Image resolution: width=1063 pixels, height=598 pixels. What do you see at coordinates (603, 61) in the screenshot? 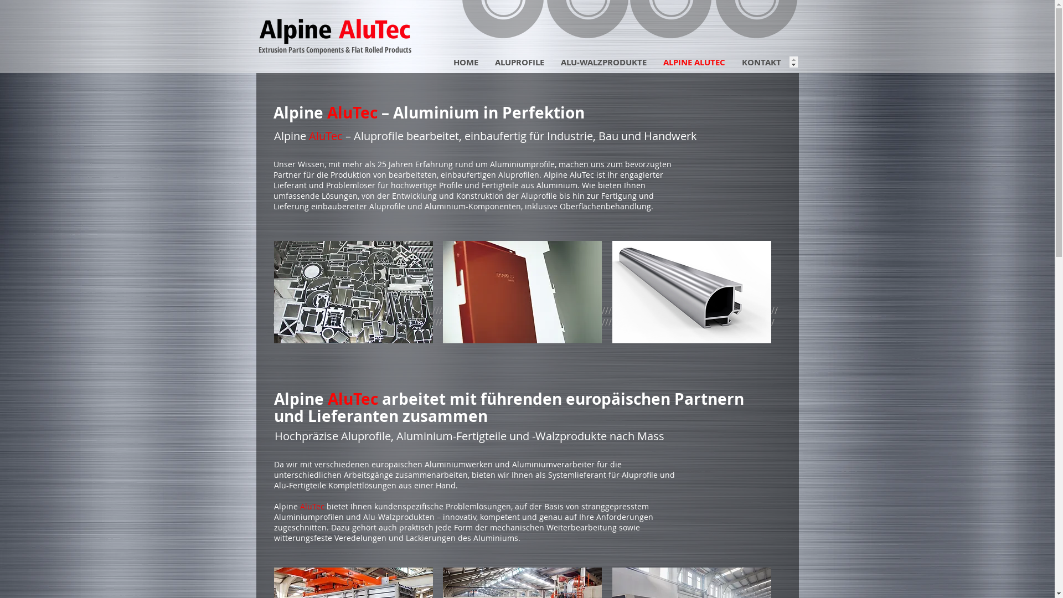
I see `'ALU-WALZPRODUKTE'` at bounding box center [603, 61].